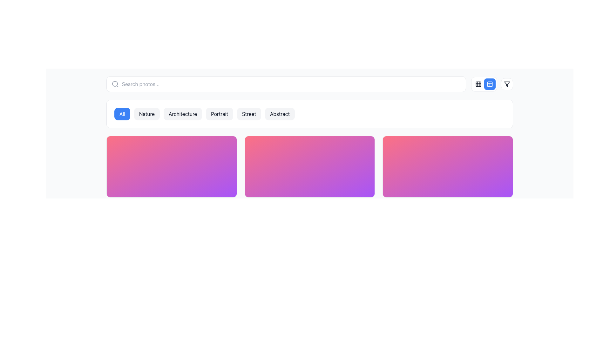 This screenshot has width=610, height=343. I want to click on the card component, which is a rectangular card with a gradient background transitioning from rose to purple, located, so click(309, 166).